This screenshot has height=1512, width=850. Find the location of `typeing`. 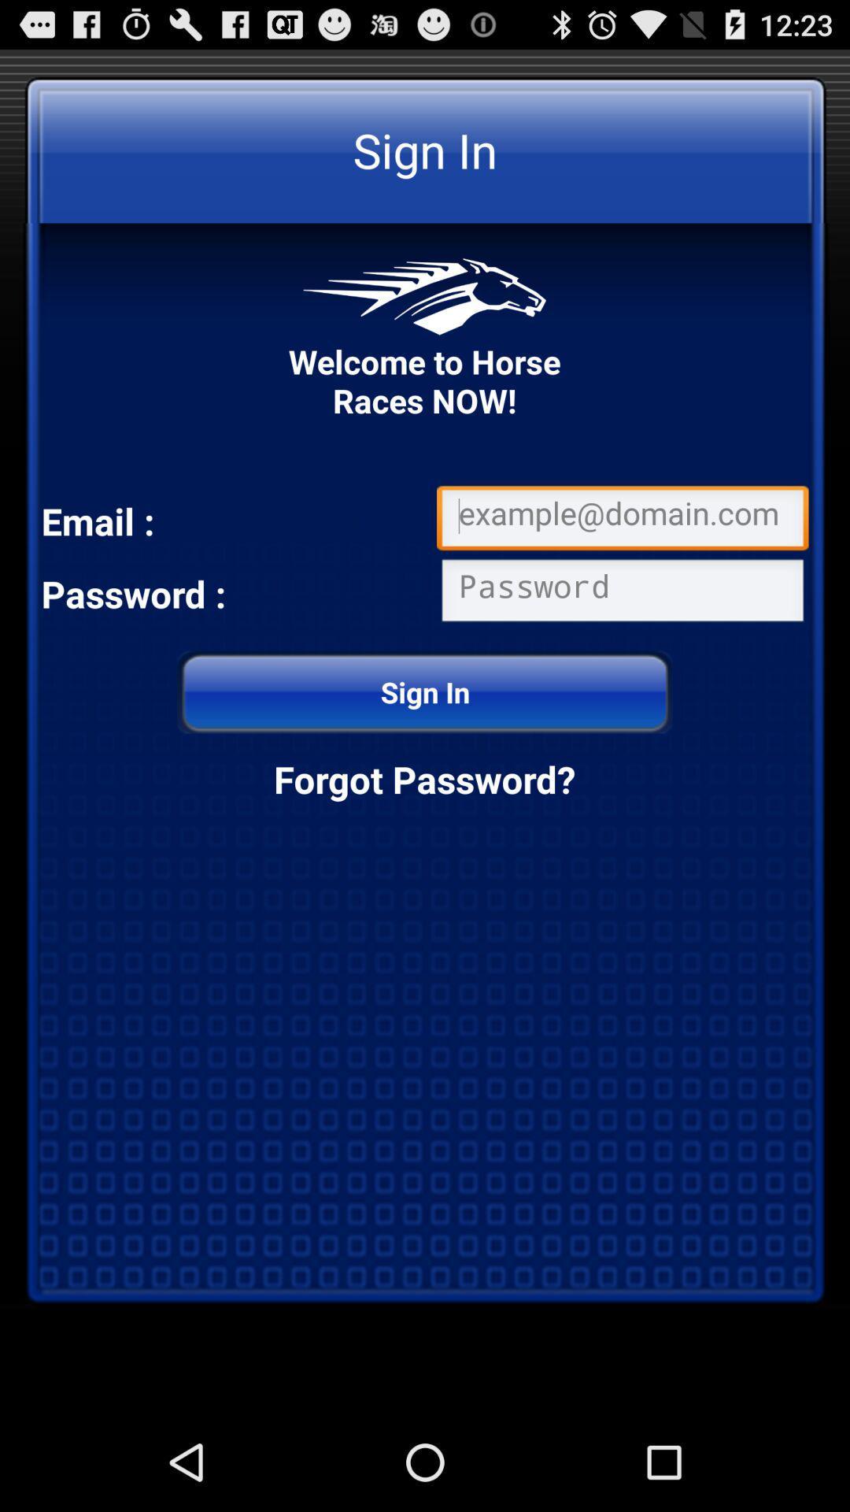

typeing is located at coordinates (622, 593).